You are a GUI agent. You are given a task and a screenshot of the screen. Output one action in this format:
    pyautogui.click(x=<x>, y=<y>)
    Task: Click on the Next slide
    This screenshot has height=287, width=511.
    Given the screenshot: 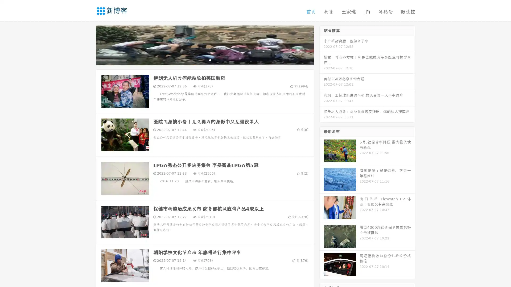 What is the action you would take?
    pyautogui.click(x=322, y=45)
    